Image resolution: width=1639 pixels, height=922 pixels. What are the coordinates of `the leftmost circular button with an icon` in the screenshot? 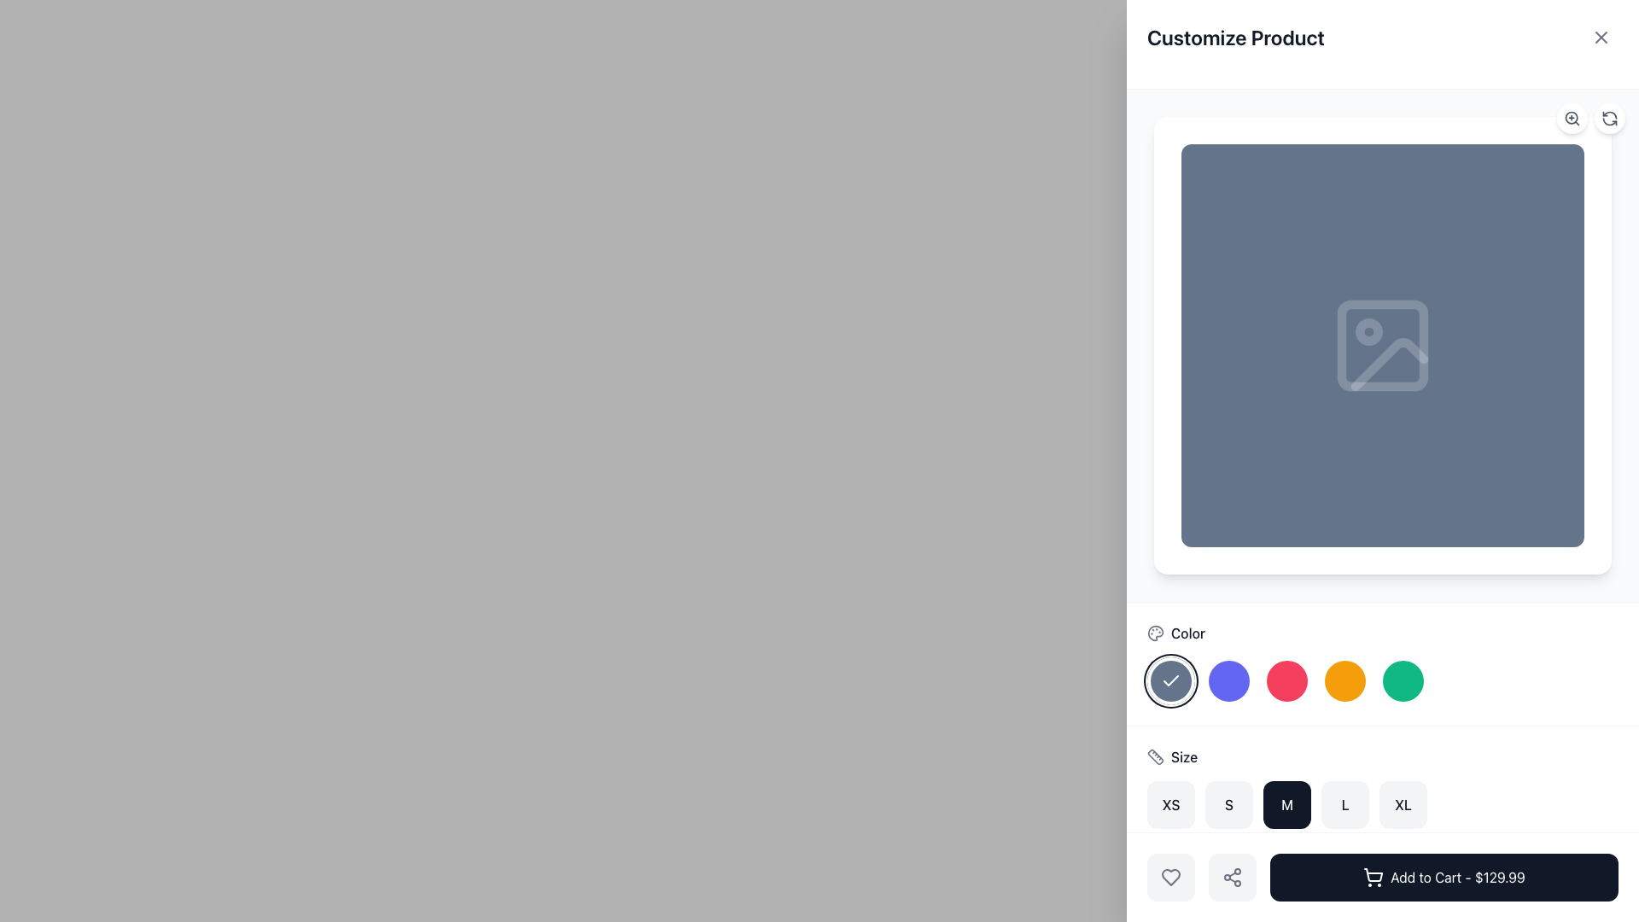 It's located at (1170, 680).